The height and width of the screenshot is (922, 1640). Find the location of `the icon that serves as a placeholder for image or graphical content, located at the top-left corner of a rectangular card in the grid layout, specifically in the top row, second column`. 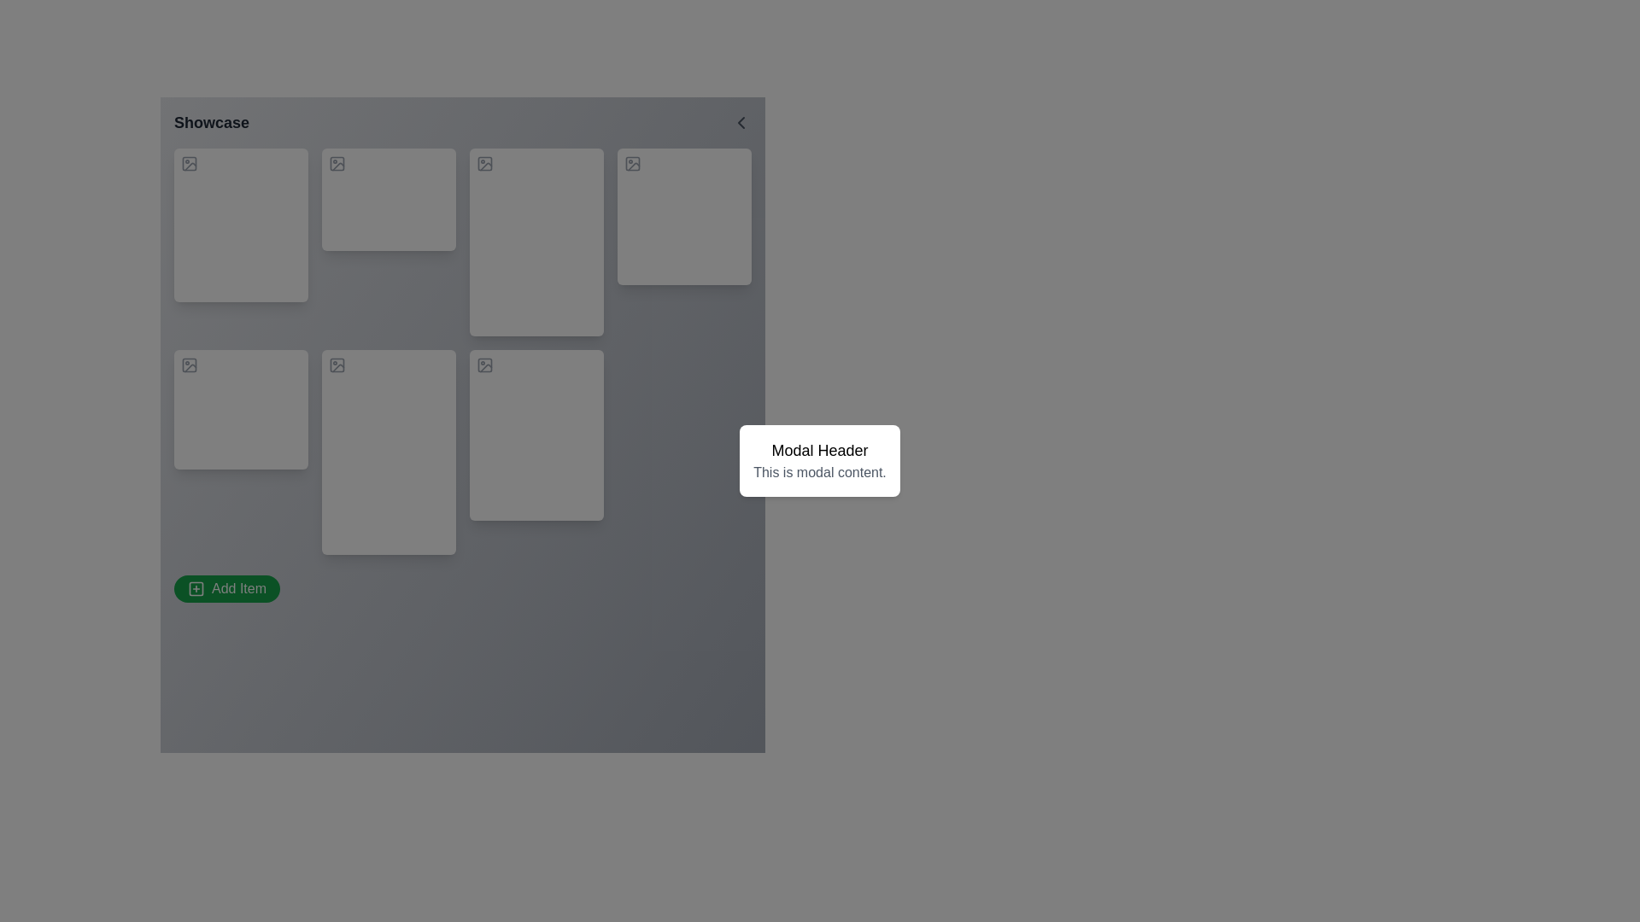

the icon that serves as a placeholder for image or graphical content, located at the top-left corner of a rectangular card in the grid layout, specifically in the top row, second column is located at coordinates (337, 164).